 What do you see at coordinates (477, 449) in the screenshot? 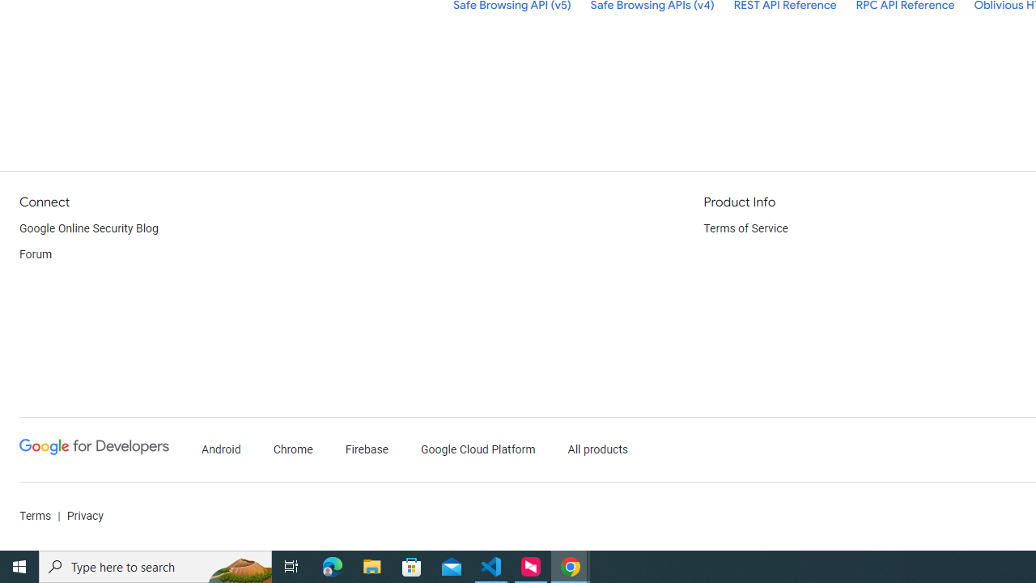
I see `'Google Cloud Platform'` at bounding box center [477, 449].